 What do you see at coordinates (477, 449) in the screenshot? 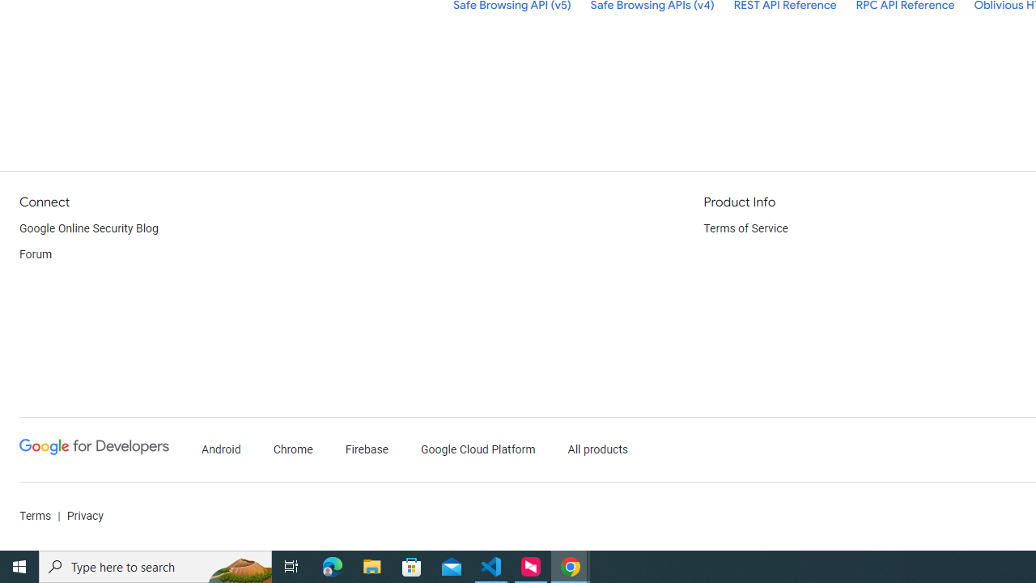
I see `'Google Cloud Platform'` at bounding box center [477, 449].